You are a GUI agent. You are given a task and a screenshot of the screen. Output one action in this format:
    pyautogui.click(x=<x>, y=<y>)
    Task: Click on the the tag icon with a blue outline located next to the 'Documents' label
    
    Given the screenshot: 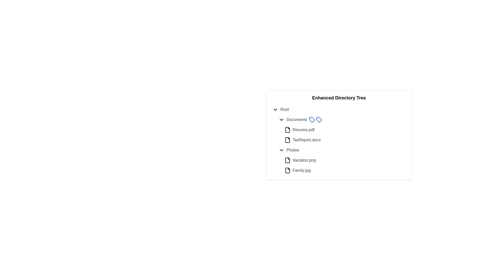 What is the action you would take?
    pyautogui.click(x=319, y=119)
    